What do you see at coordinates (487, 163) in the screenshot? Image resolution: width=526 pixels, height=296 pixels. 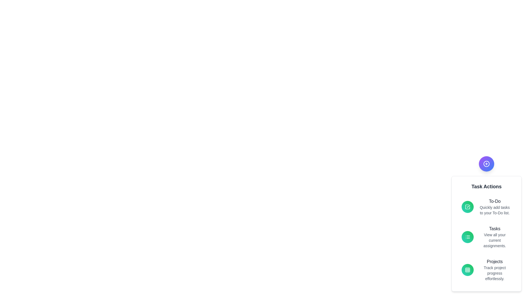 I see `floating action button to toggle the visibility of the Task Actions menu` at bounding box center [487, 163].